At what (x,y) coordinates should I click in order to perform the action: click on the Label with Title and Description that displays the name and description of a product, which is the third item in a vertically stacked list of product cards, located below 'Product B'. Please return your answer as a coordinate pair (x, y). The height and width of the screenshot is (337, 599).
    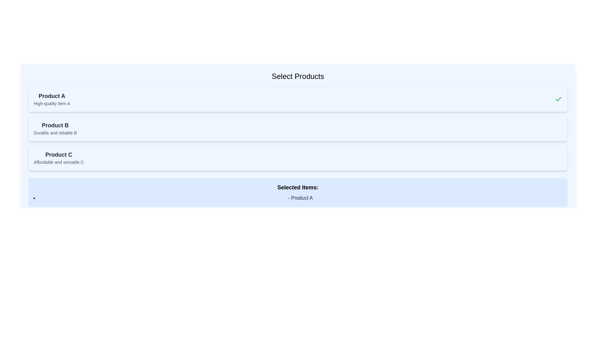
    Looking at the image, I should click on (59, 157).